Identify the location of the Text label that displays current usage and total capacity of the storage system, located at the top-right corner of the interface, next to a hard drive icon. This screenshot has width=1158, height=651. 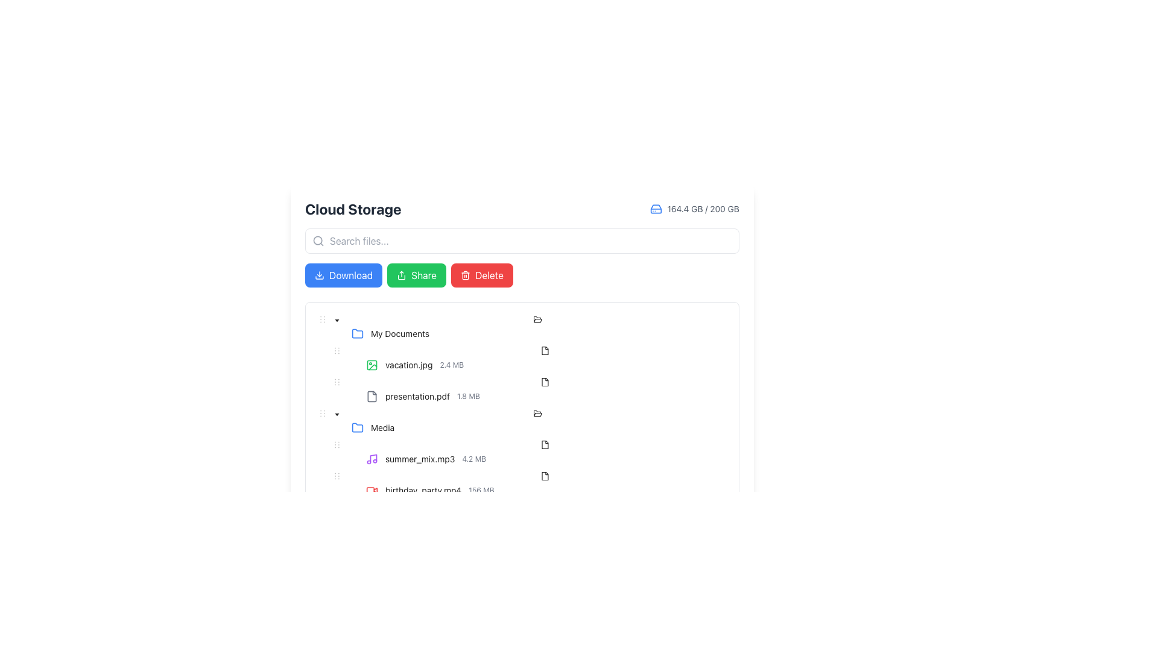
(703, 209).